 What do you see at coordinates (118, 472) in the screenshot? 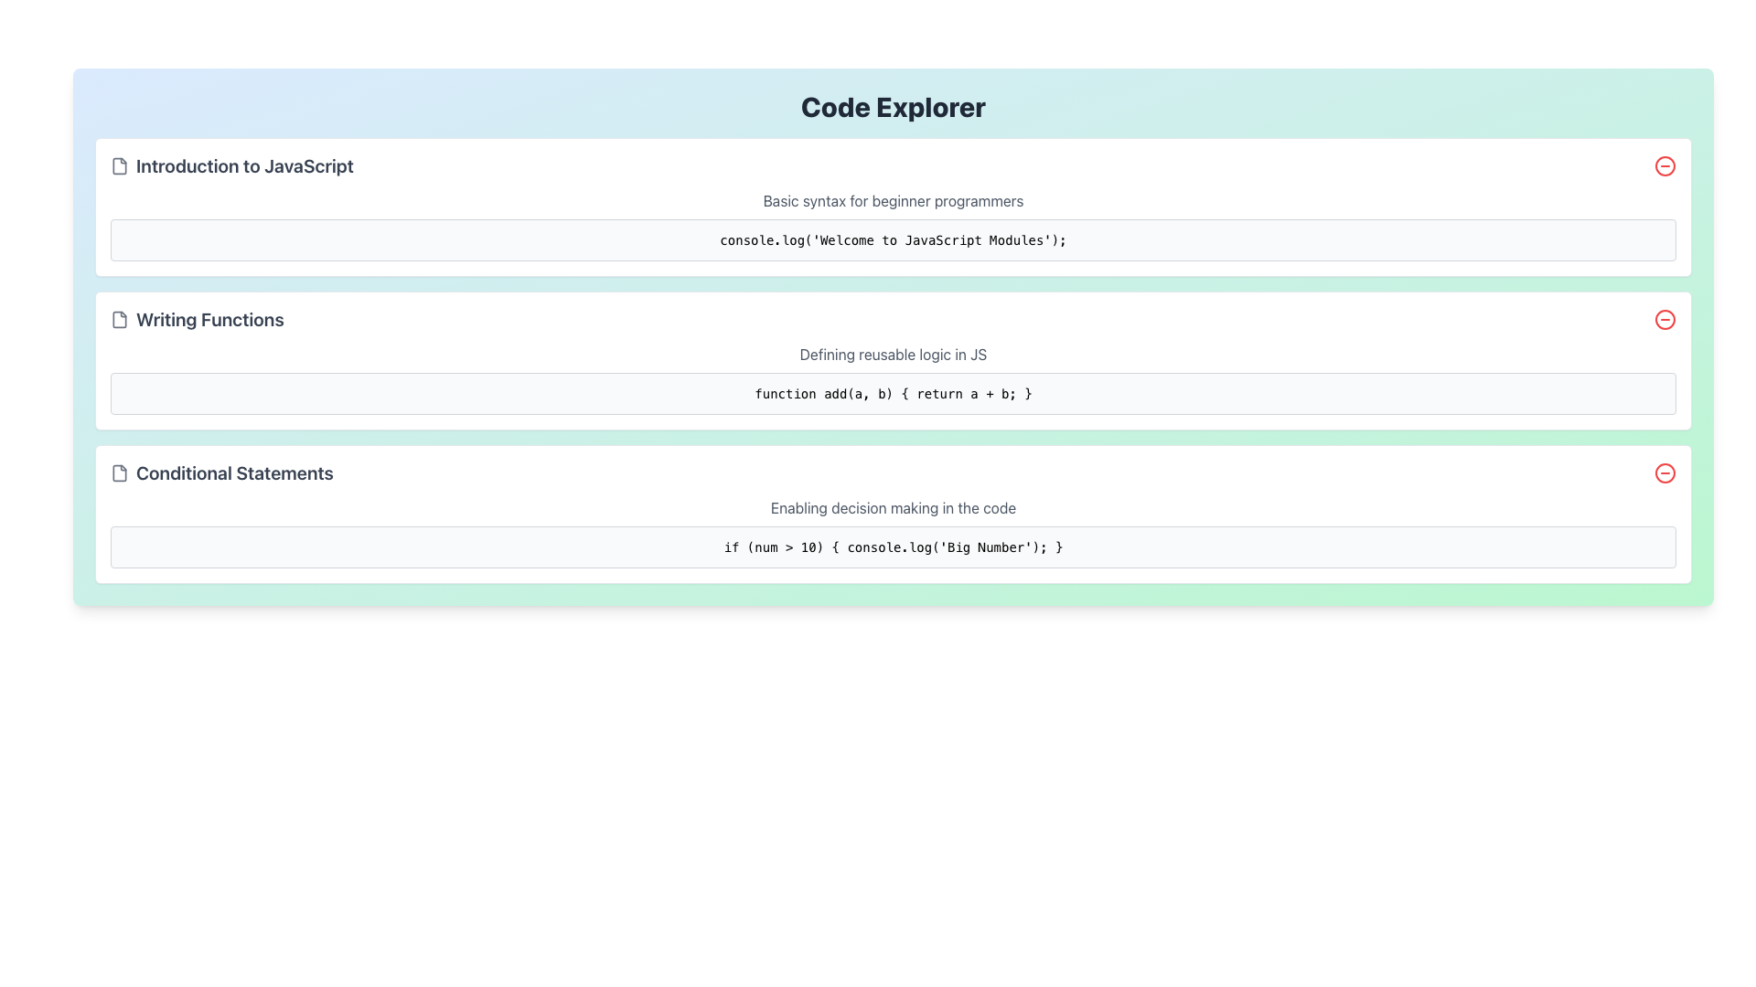
I see `the SVG icon representing a file or document located in the rightmost part of a button-like component` at bounding box center [118, 472].